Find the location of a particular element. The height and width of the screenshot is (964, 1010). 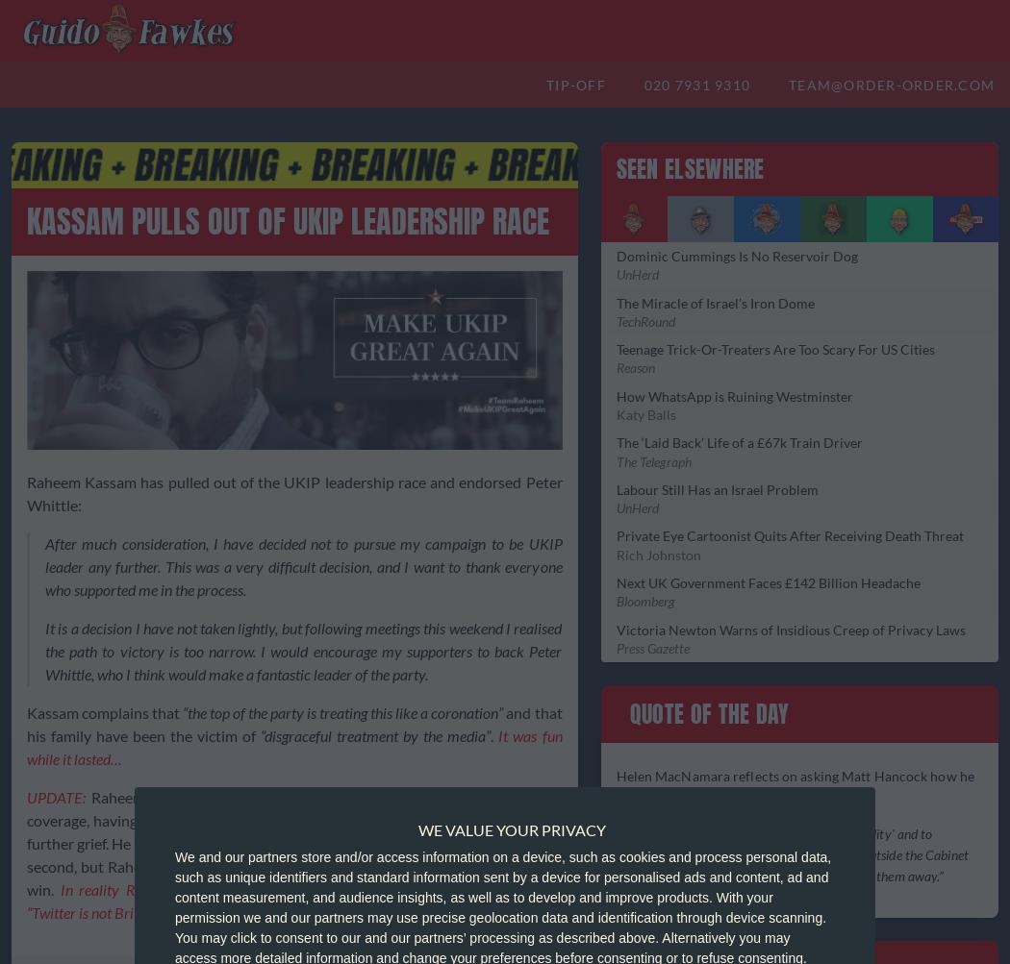

'.' is located at coordinates (492, 733).